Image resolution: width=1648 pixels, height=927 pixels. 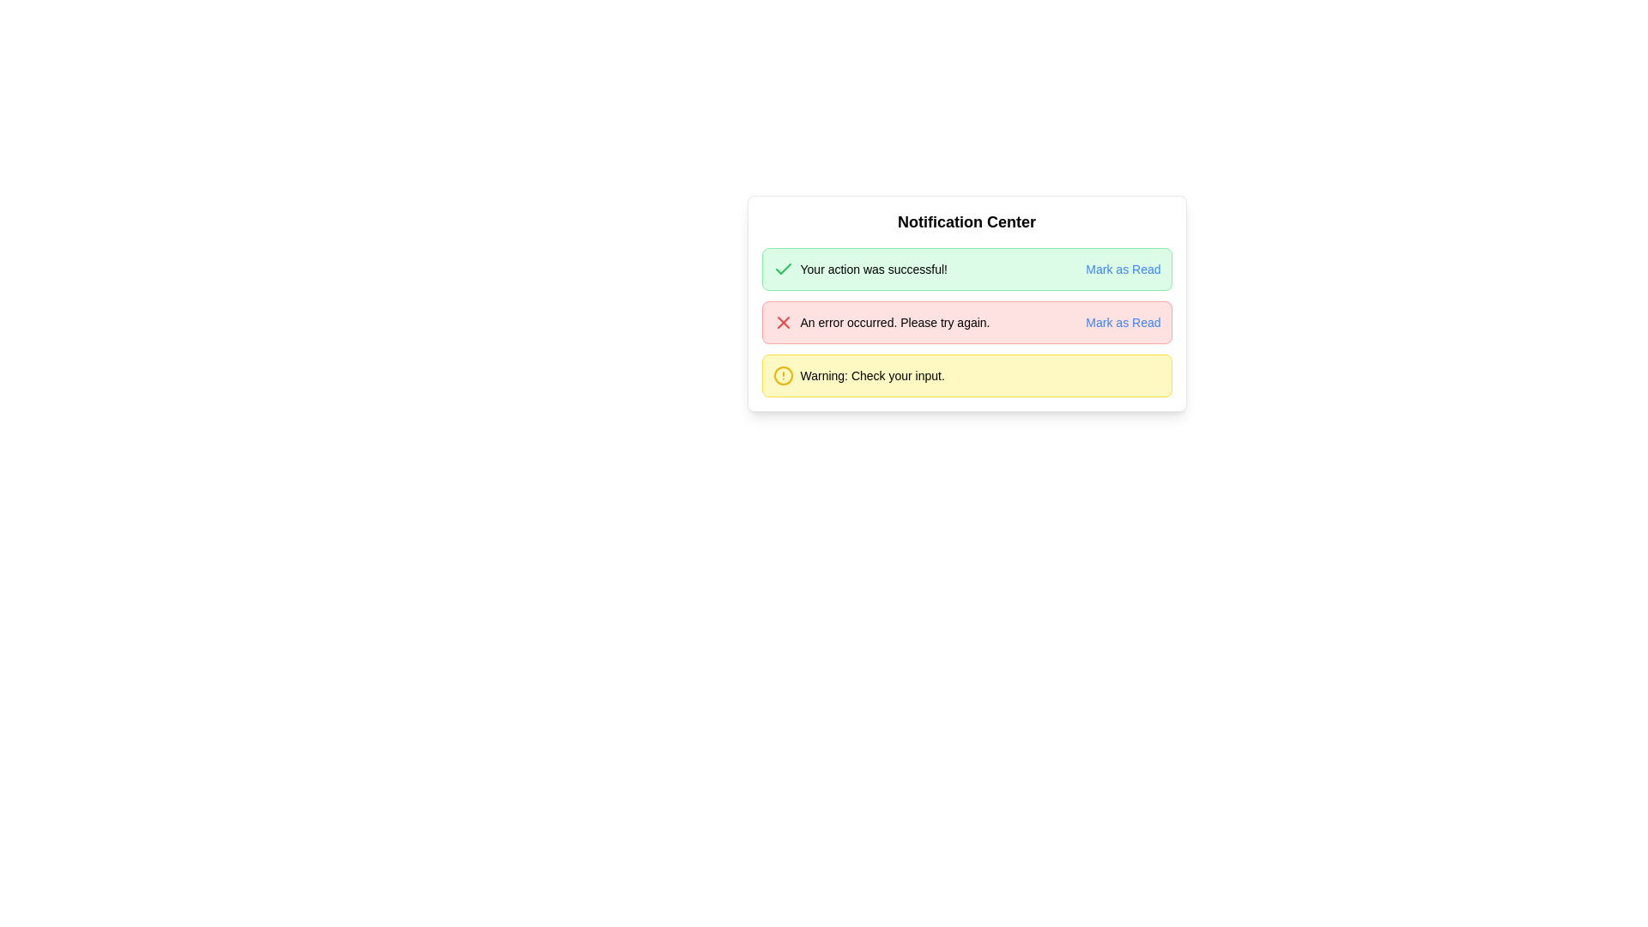 What do you see at coordinates (858, 375) in the screenshot?
I see `the third notification message in the 'Notification Center' widget that has a light yellow background and displays the text 'Warning: Check your input.'` at bounding box center [858, 375].